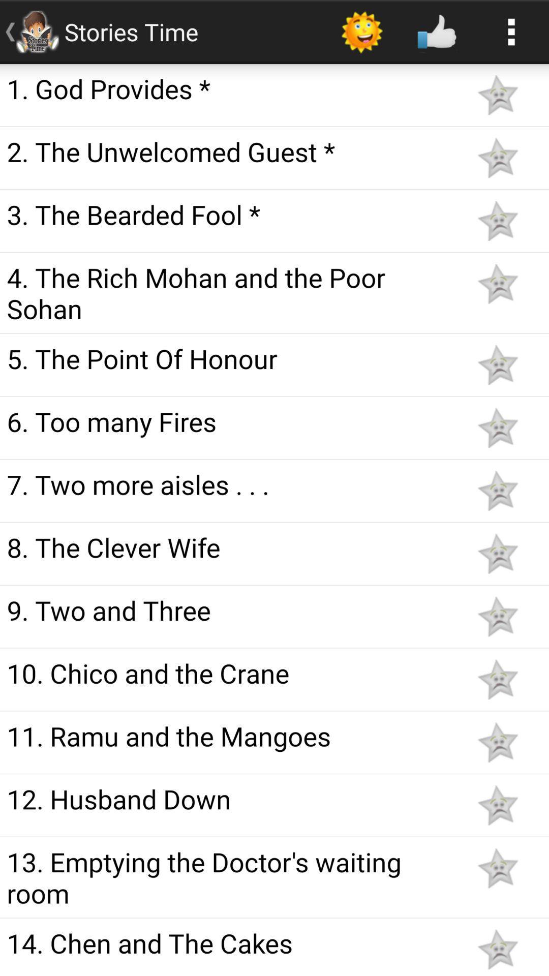 The height and width of the screenshot is (976, 549). What do you see at coordinates (497, 616) in the screenshot?
I see `to favorites` at bounding box center [497, 616].